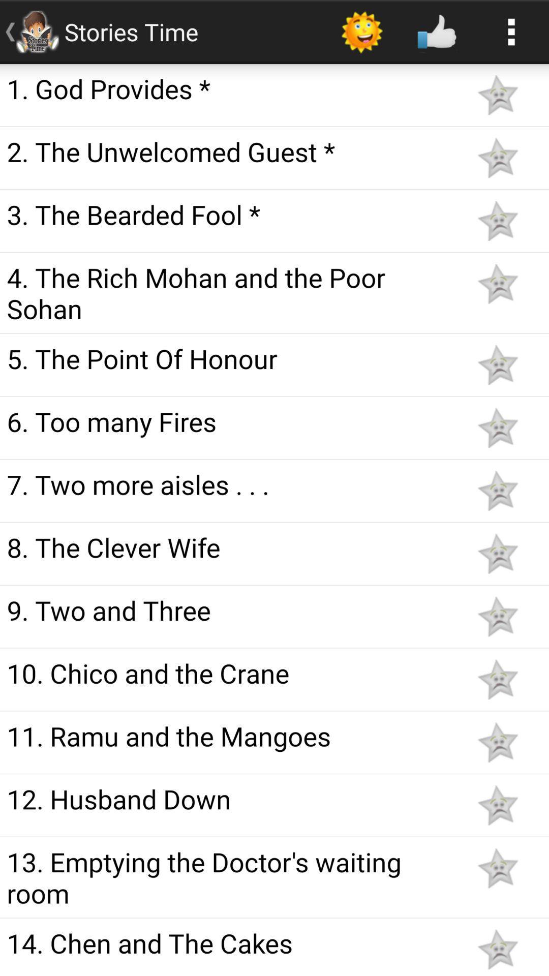 The height and width of the screenshot is (976, 549). What do you see at coordinates (497, 616) in the screenshot?
I see `to favorites` at bounding box center [497, 616].